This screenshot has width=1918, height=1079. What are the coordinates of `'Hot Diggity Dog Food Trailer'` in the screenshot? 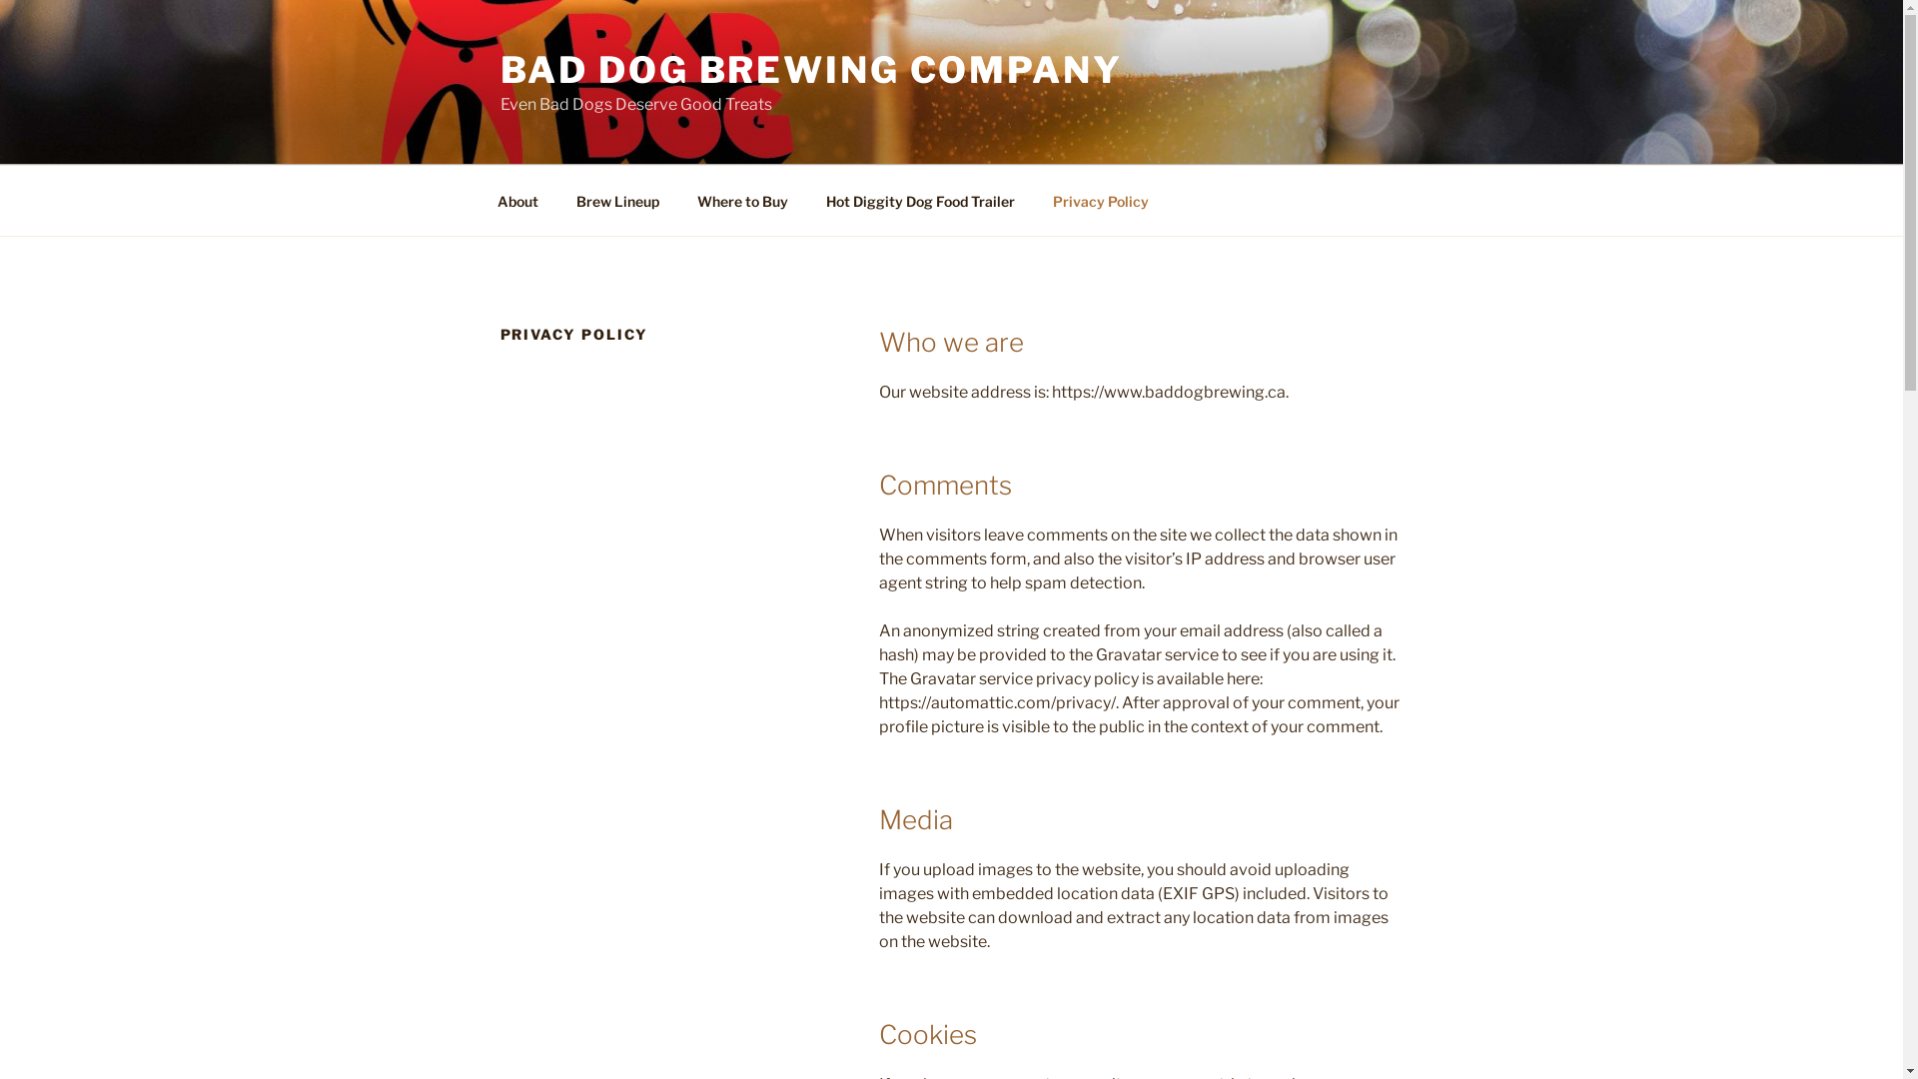 It's located at (919, 200).